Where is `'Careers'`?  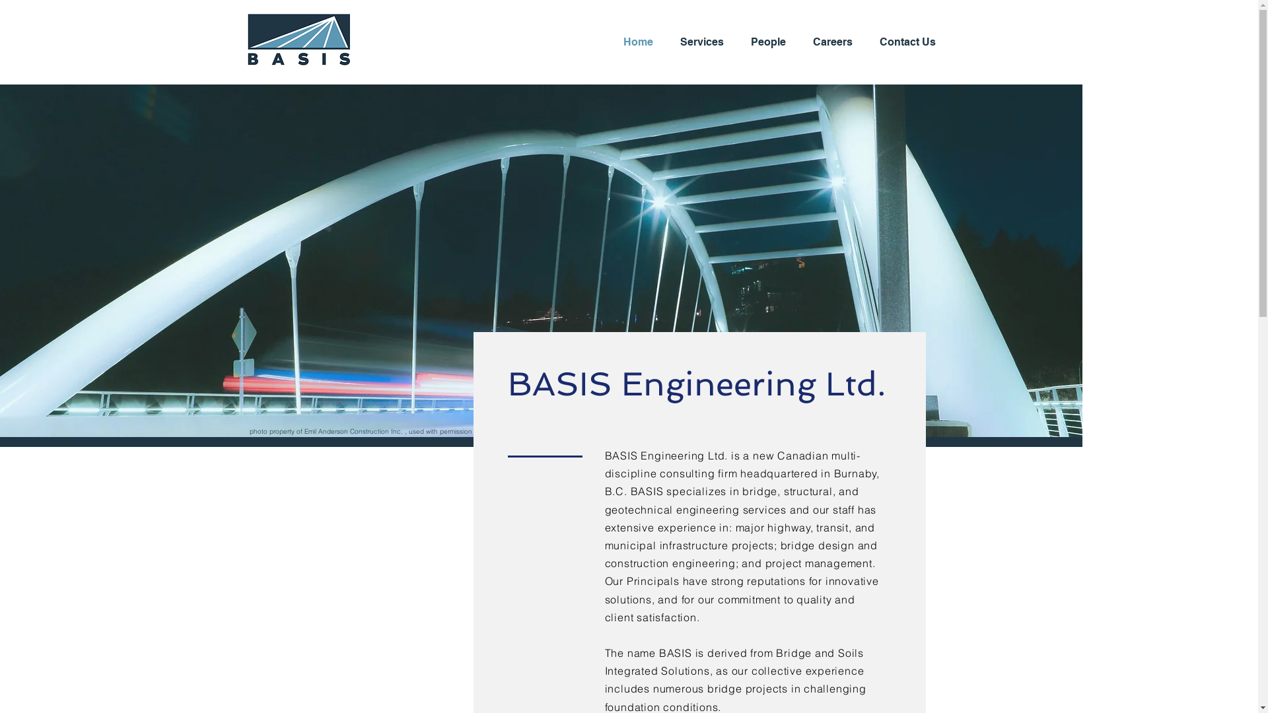
'Careers' is located at coordinates (835, 42).